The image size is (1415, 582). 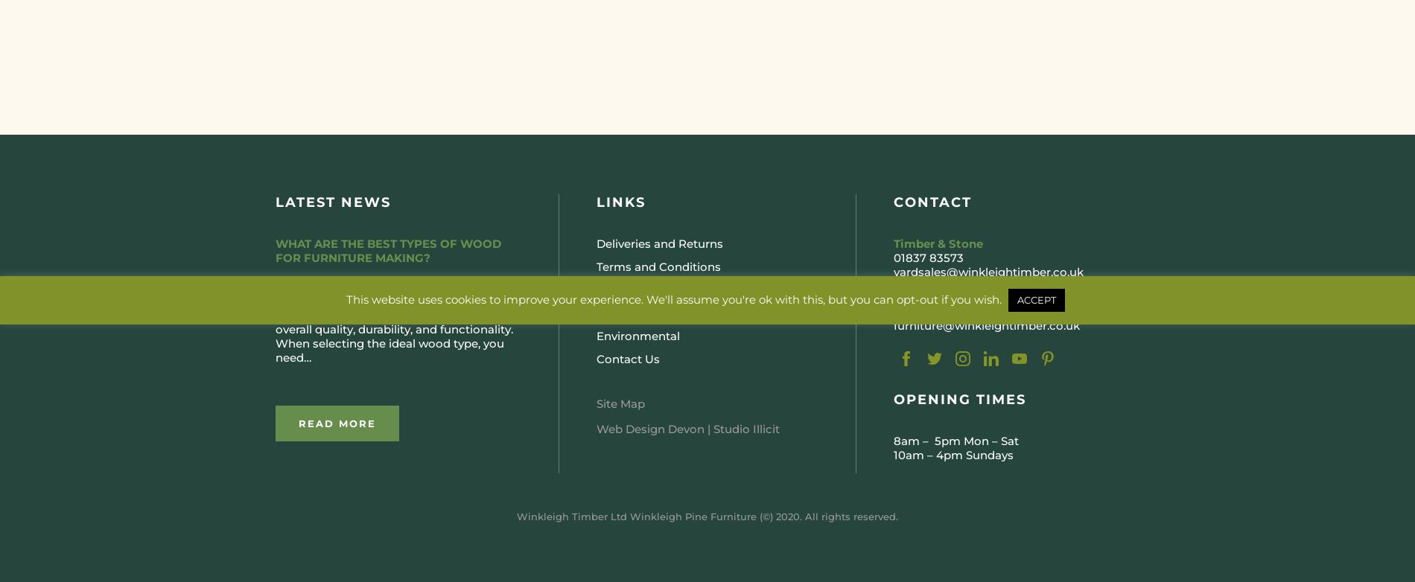 What do you see at coordinates (893, 257) in the screenshot?
I see `'01837 83573'` at bounding box center [893, 257].